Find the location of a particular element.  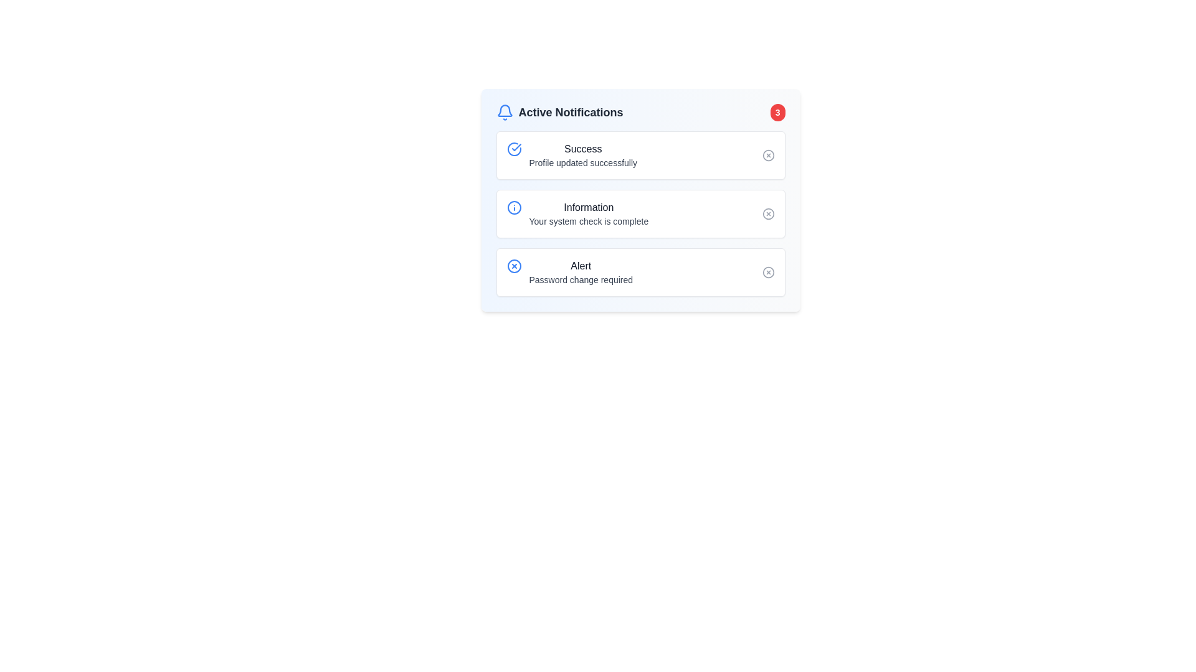

the icon within the second notification card that displays information stating the system check is complete is located at coordinates (640, 213).